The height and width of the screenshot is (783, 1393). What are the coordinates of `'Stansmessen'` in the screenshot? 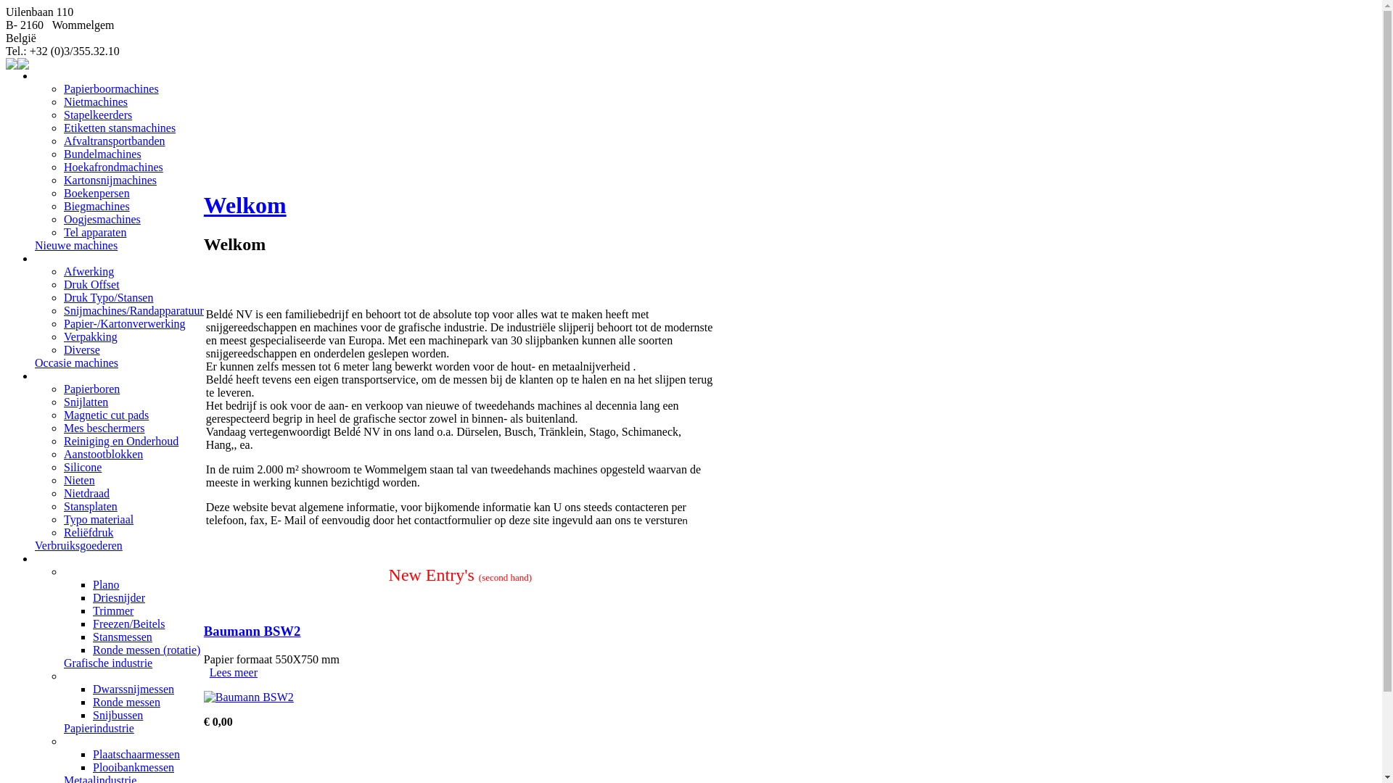 It's located at (122, 636).